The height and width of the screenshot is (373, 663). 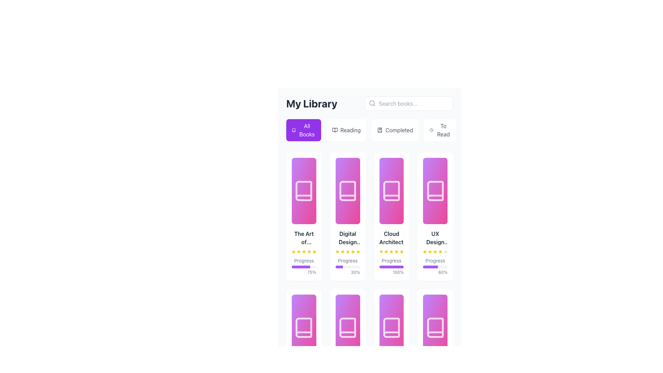 I want to click on the filled star icon representing a 3-star rating for the associated book located in the fourth book card, positioned between the title 'UX Design...' and the progress text, so click(x=440, y=251).